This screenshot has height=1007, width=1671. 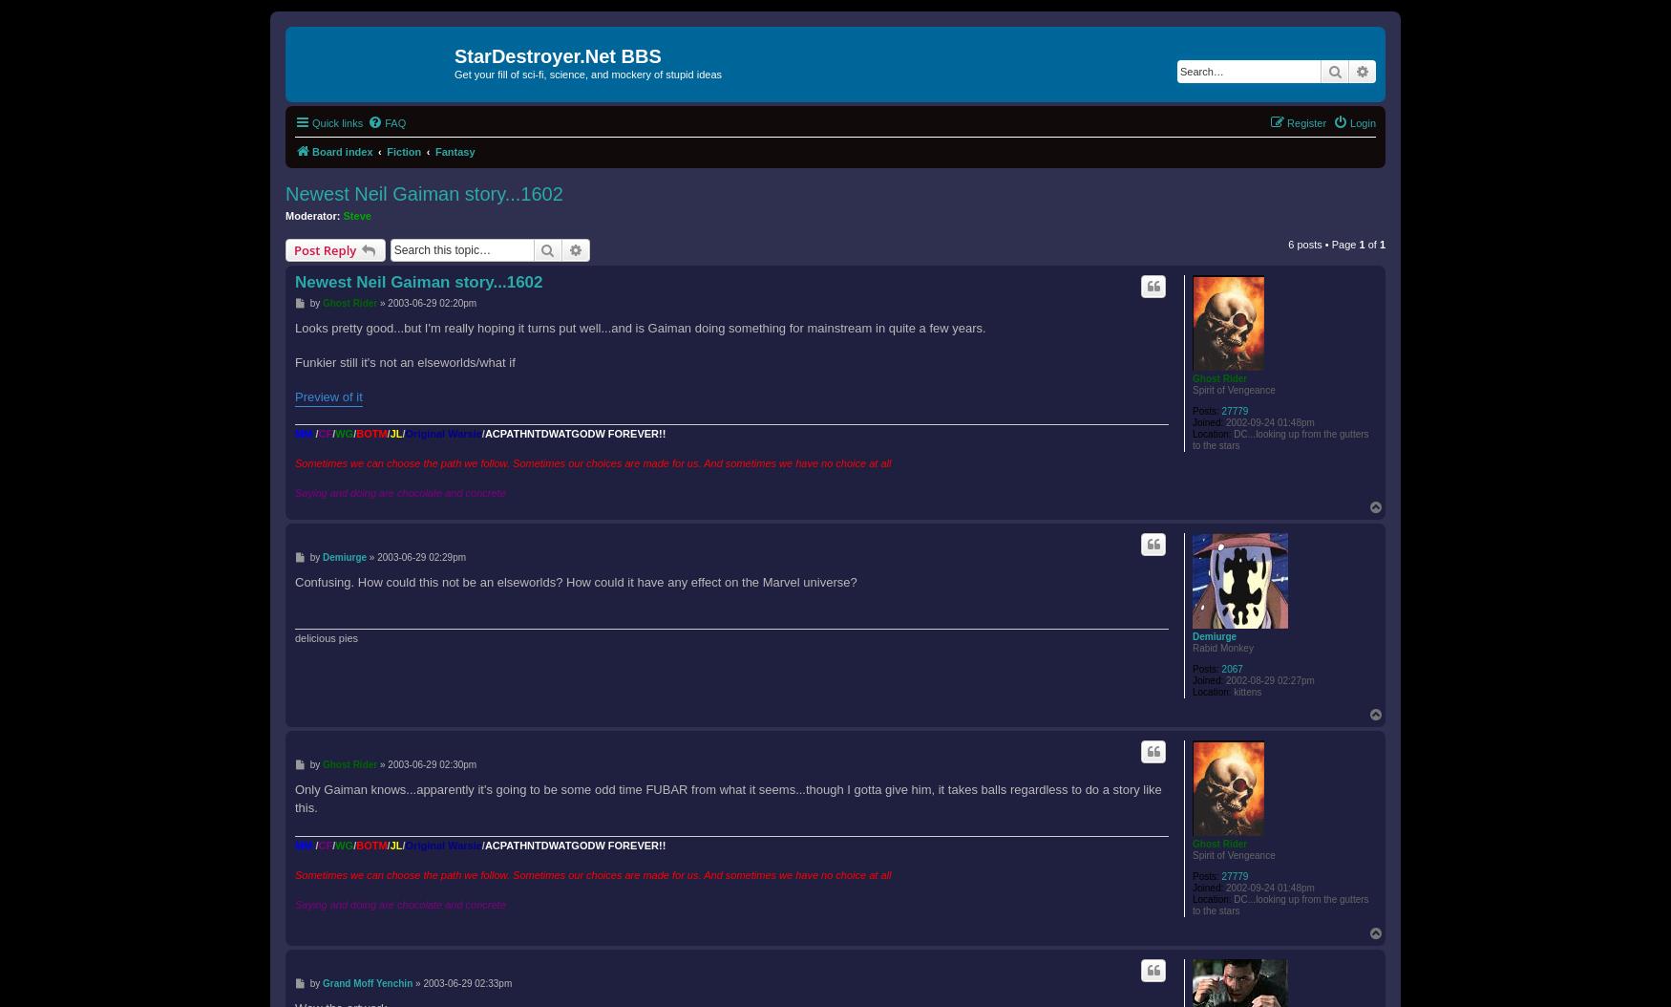 What do you see at coordinates (325, 248) in the screenshot?
I see `'Post Reply'` at bounding box center [325, 248].